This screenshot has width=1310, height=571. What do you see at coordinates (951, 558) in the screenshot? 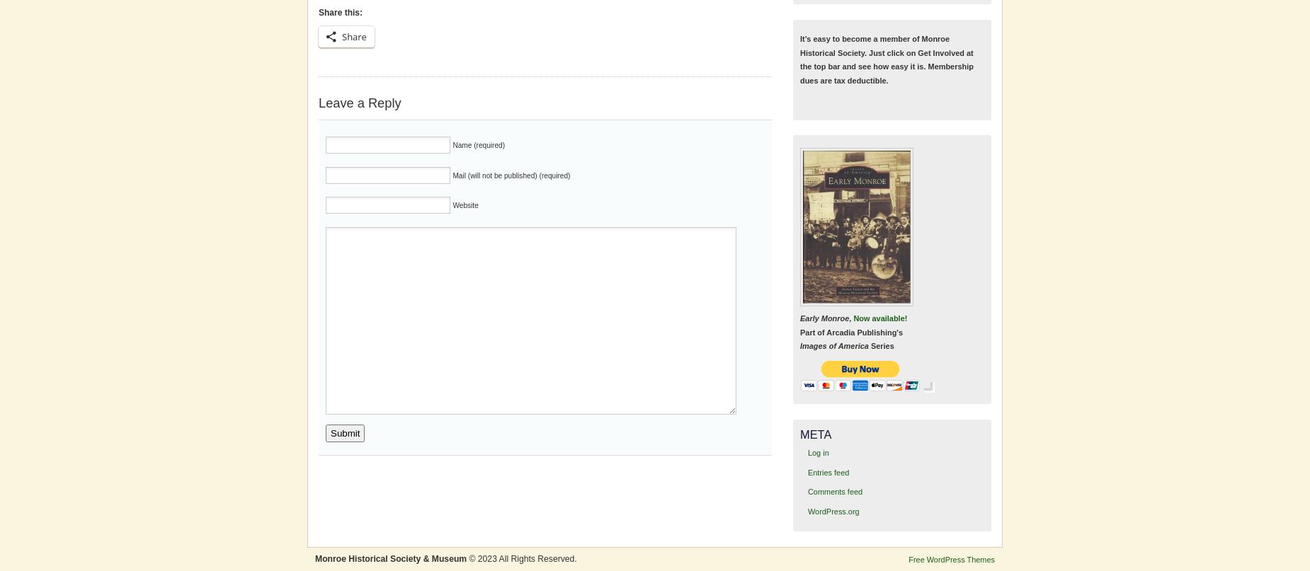
I see `'Free WordPress Themes'` at bounding box center [951, 558].